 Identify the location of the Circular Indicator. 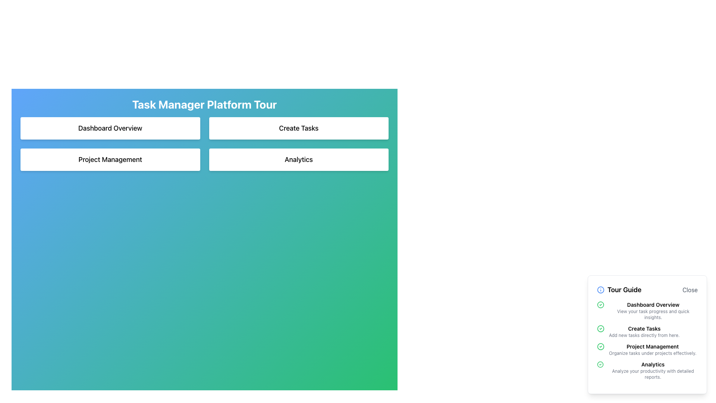
(601, 347).